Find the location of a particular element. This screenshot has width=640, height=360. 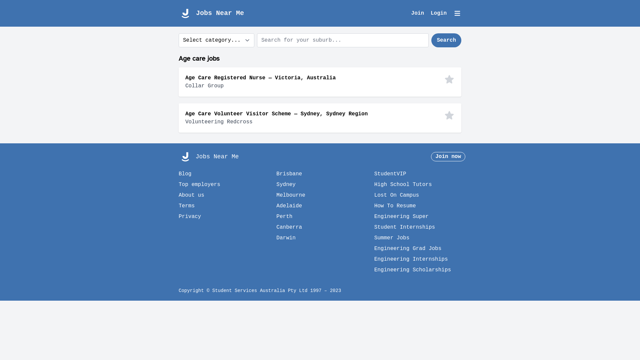

'Join now' is located at coordinates (448, 157).